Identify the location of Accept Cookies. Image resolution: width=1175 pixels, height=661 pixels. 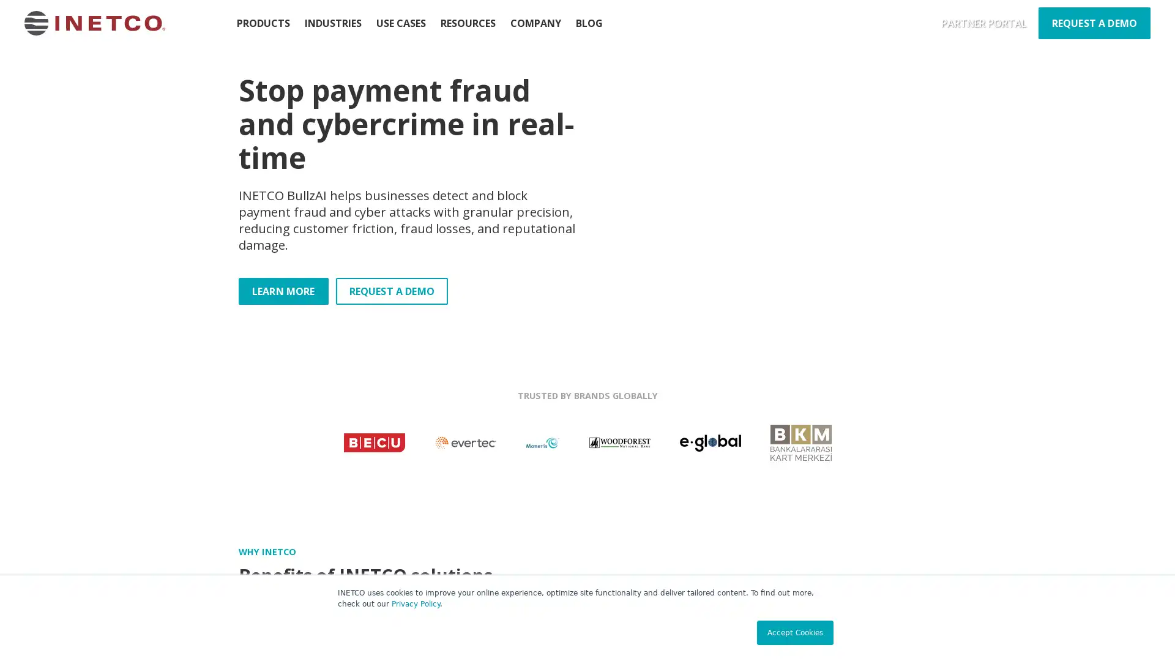
(795, 632).